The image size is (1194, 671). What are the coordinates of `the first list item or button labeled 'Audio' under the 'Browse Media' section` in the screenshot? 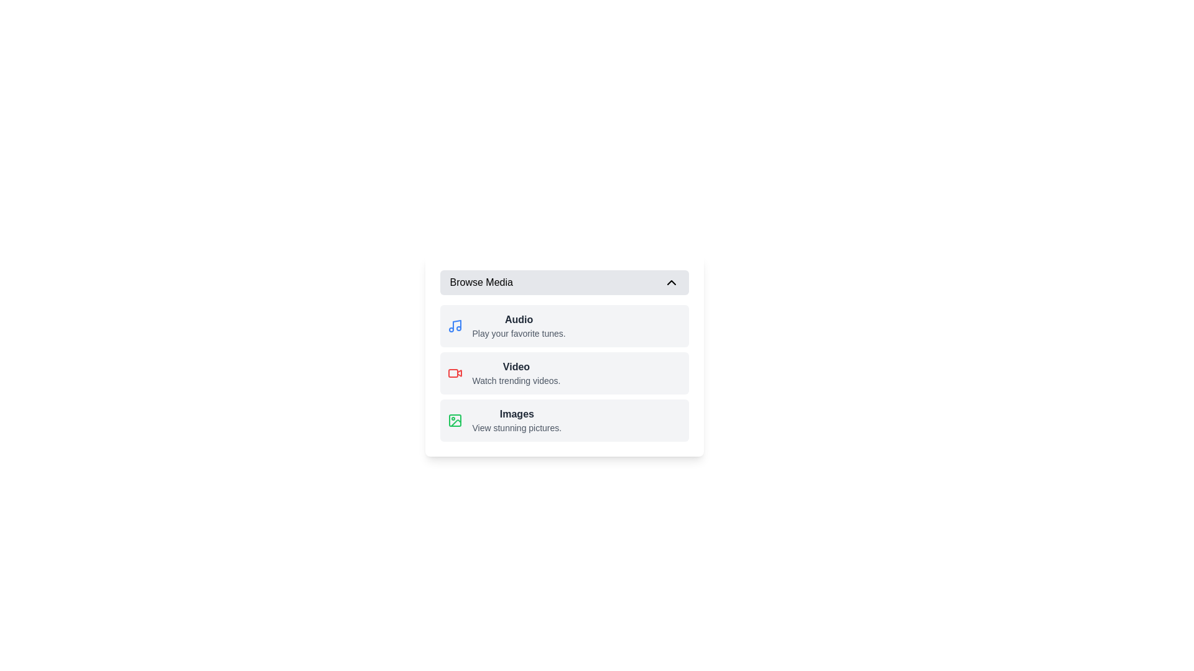 It's located at (563, 325).